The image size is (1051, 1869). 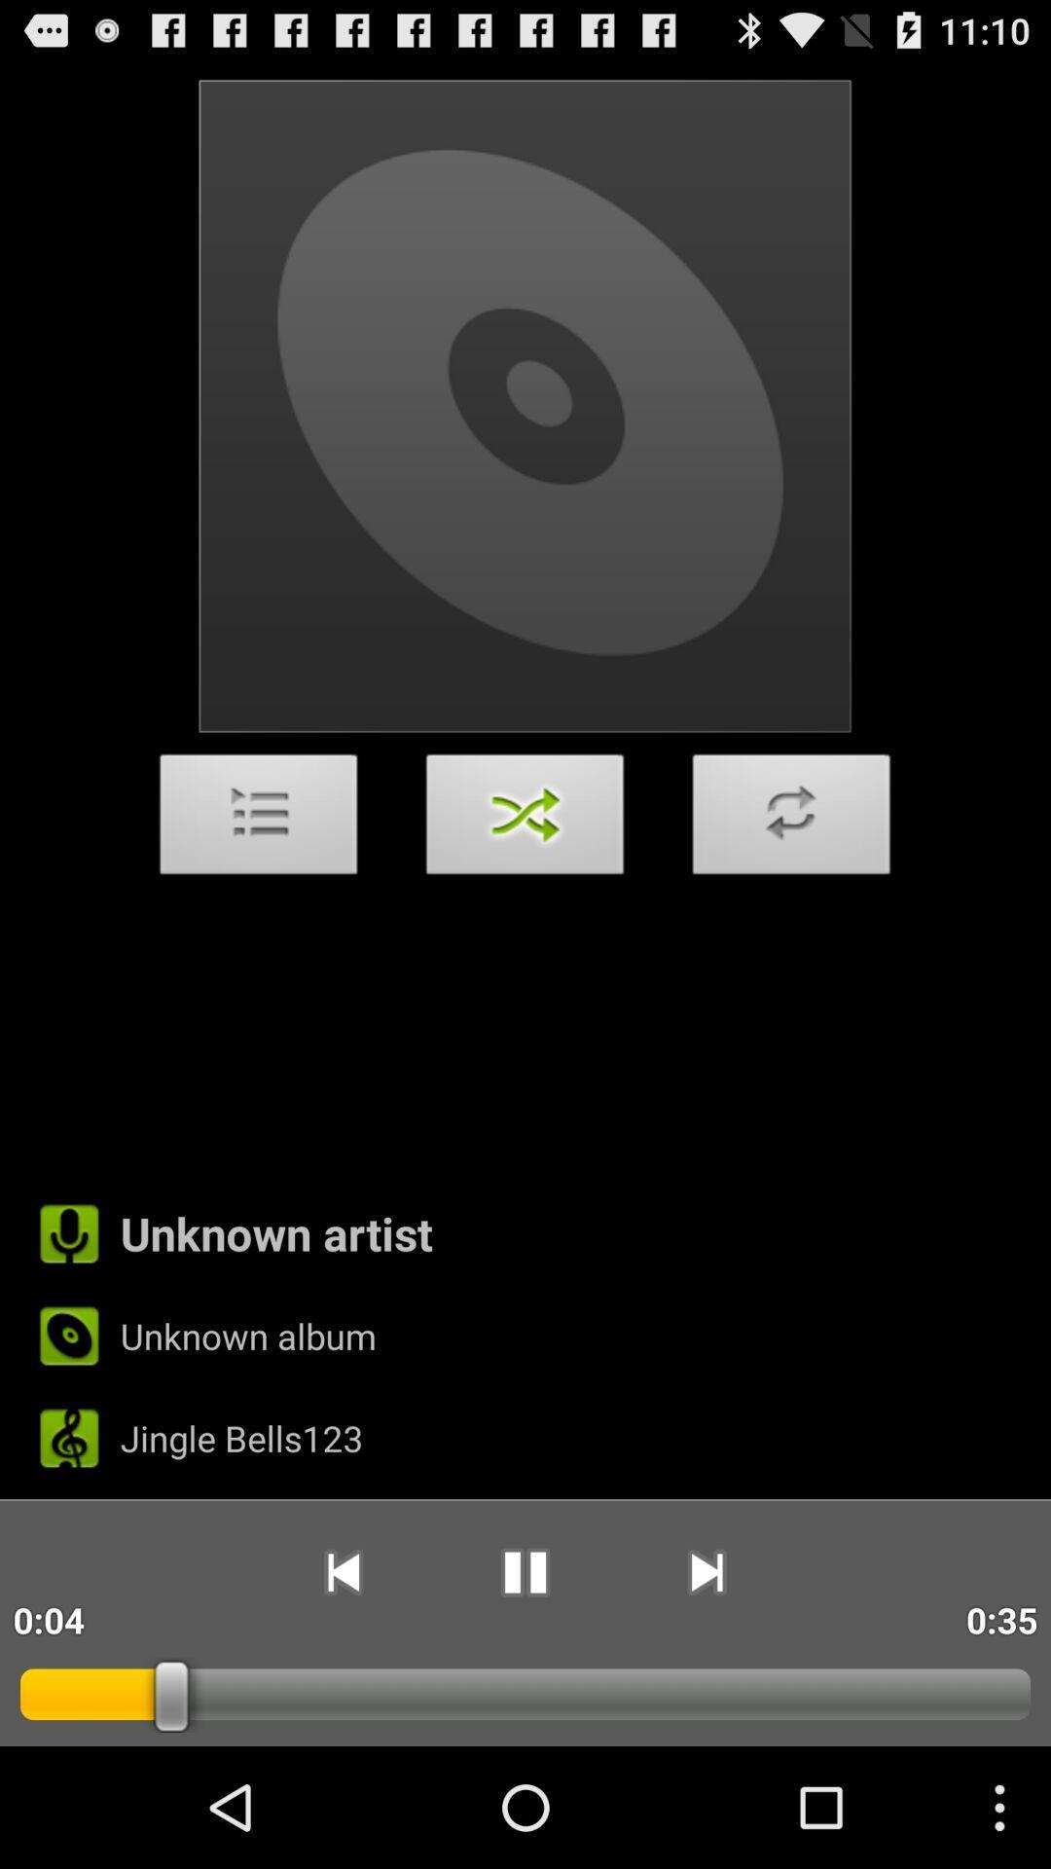 I want to click on the item next to 0:35, so click(x=707, y=1572).